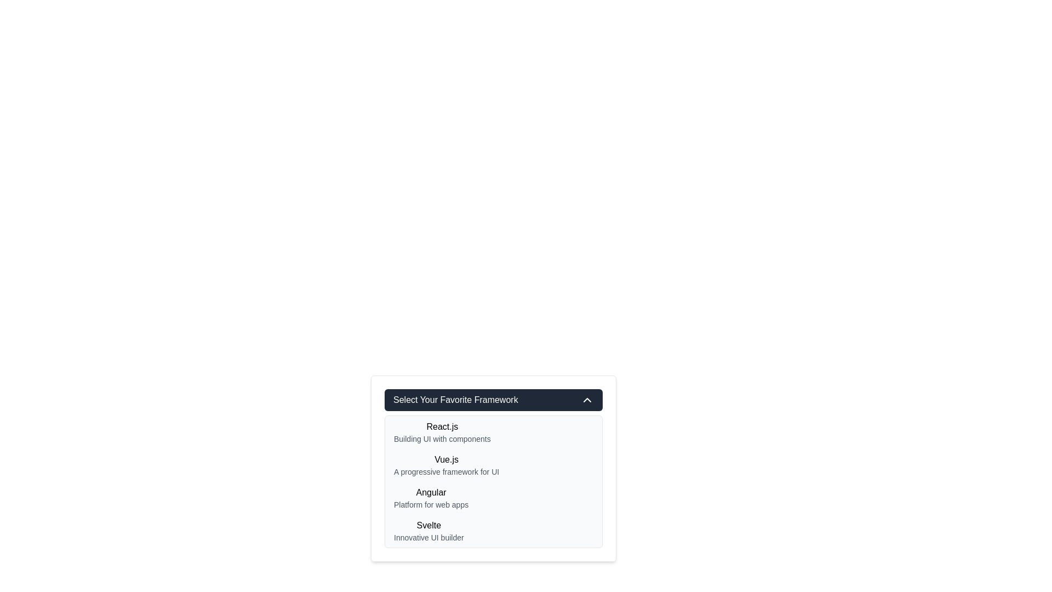  What do you see at coordinates (493, 530) in the screenshot?
I see `the fourth item in the vertical list labeled 'Svelte' which is in bold font and has a secondary line 'Innovative UI builder' in smaller light gray font` at bounding box center [493, 530].